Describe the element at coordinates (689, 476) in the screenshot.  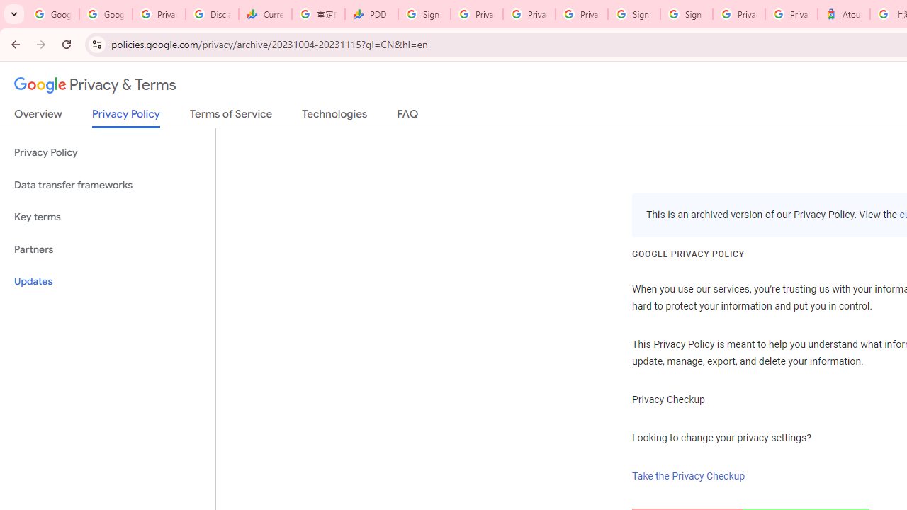
I see `'Take the Privacy Checkup'` at that location.